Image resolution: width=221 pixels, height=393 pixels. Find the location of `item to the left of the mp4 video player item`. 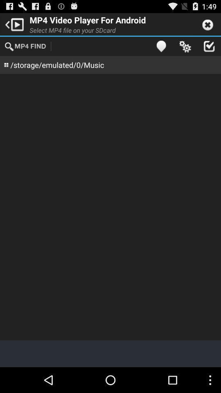

item to the left of the mp4 video player item is located at coordinates (13, 23).